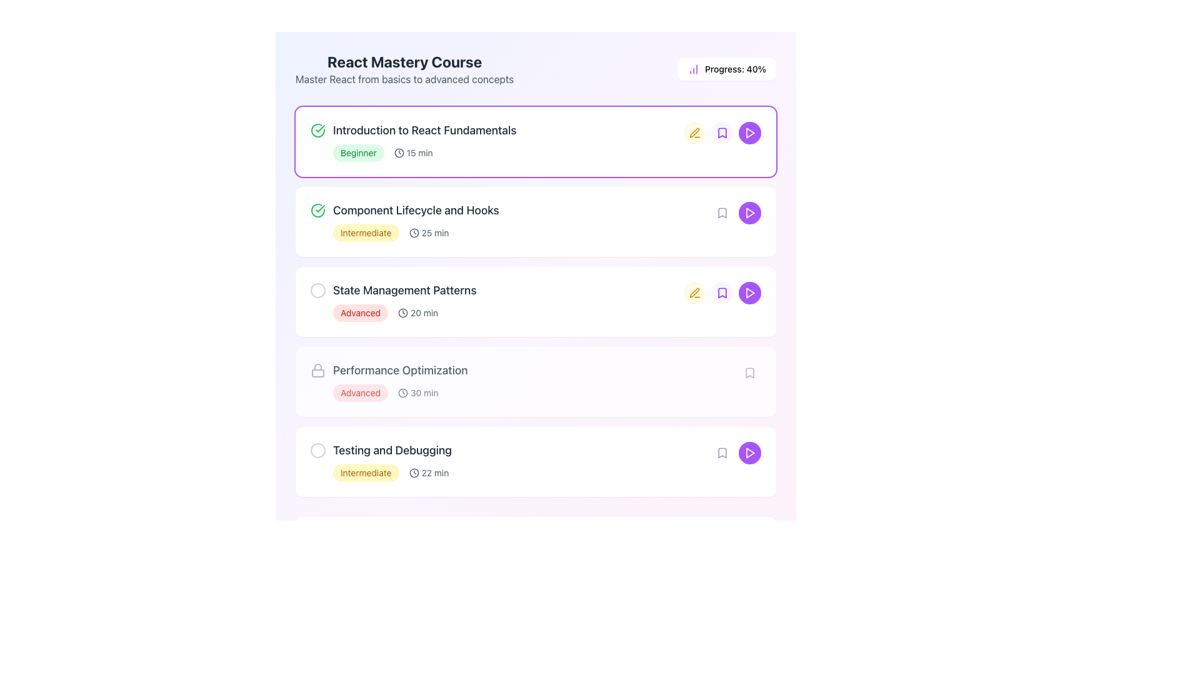 The height and width of the screenshot is (675, 1200). What do you see at coordinates (400, 370) in the screenshot?
I see `the text label displaying 'Performance Optimization', which is styled as a large header in gray color, located between 'State Management Patterns' and 'Testing and Debugging'` at bounding box center [400, 370].